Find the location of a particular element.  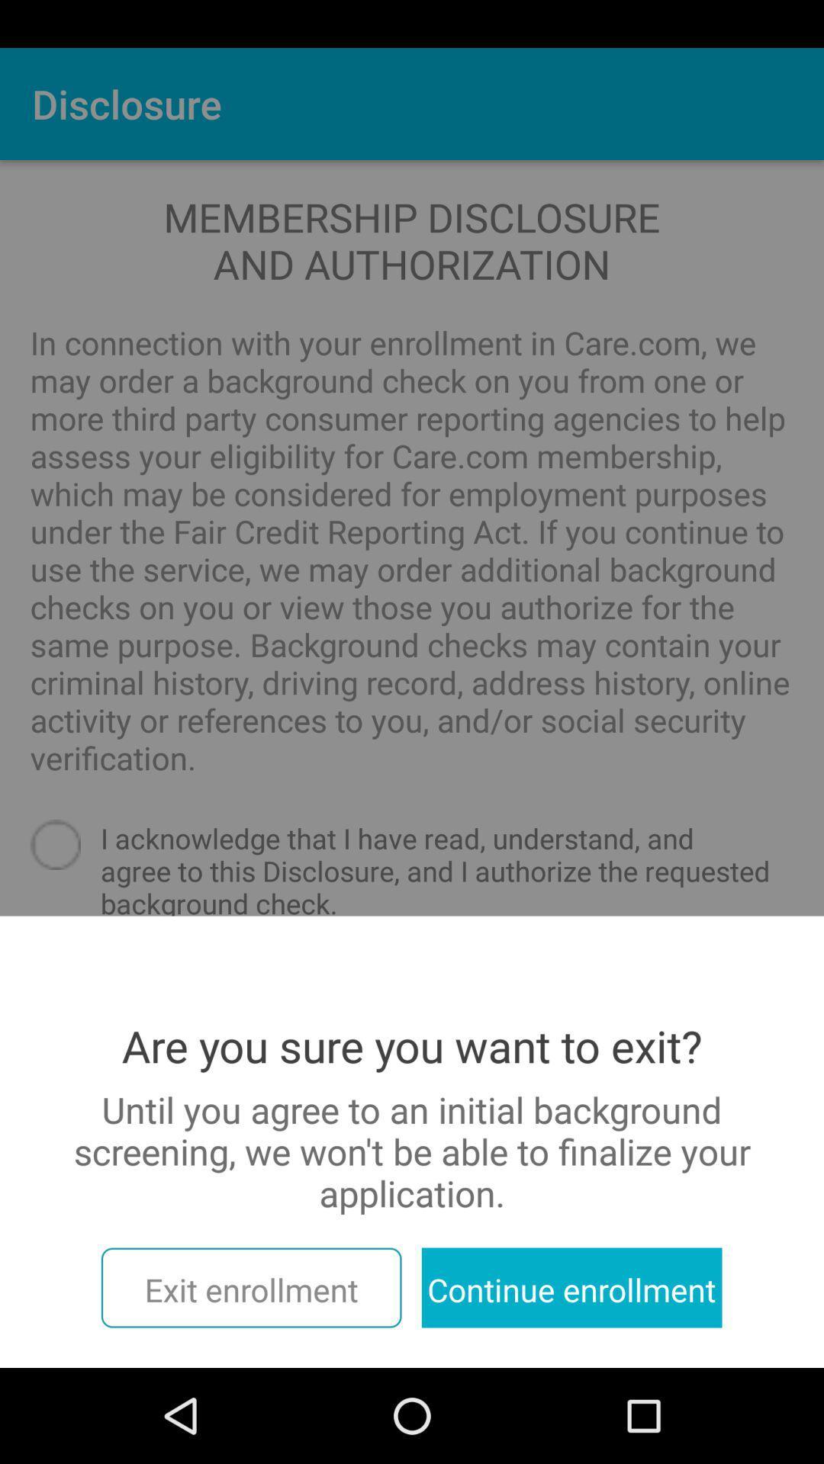

icon next to the exit enrollment icon is located at coordinates (571, 1287).